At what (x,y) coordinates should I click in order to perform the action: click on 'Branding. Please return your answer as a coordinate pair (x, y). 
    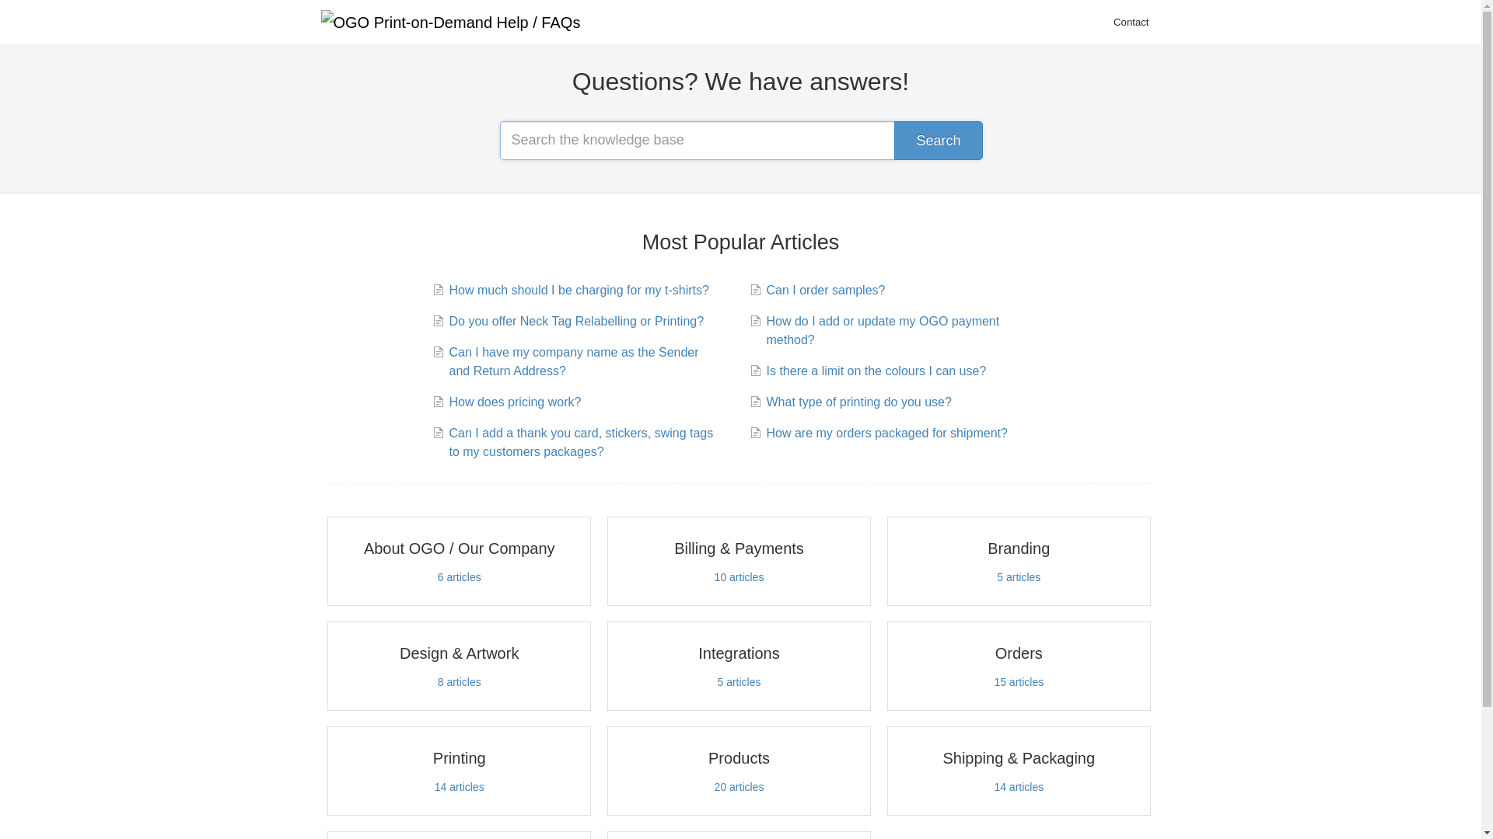
    Looking at the image, I should click on (1019, 561).